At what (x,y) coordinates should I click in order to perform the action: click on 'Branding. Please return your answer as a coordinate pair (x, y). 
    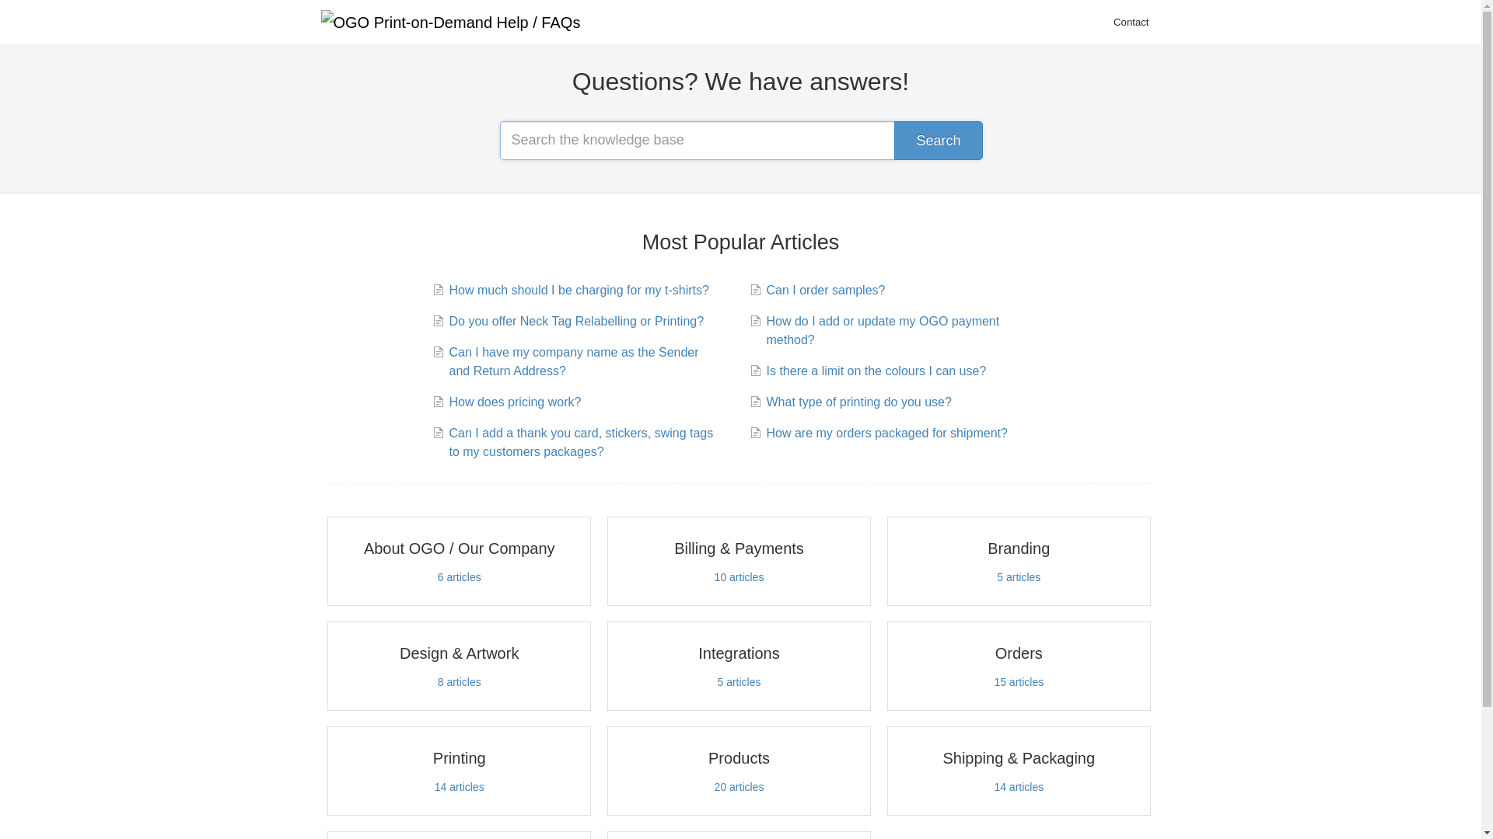
    Looking at the image, I should click on (1019, 561).